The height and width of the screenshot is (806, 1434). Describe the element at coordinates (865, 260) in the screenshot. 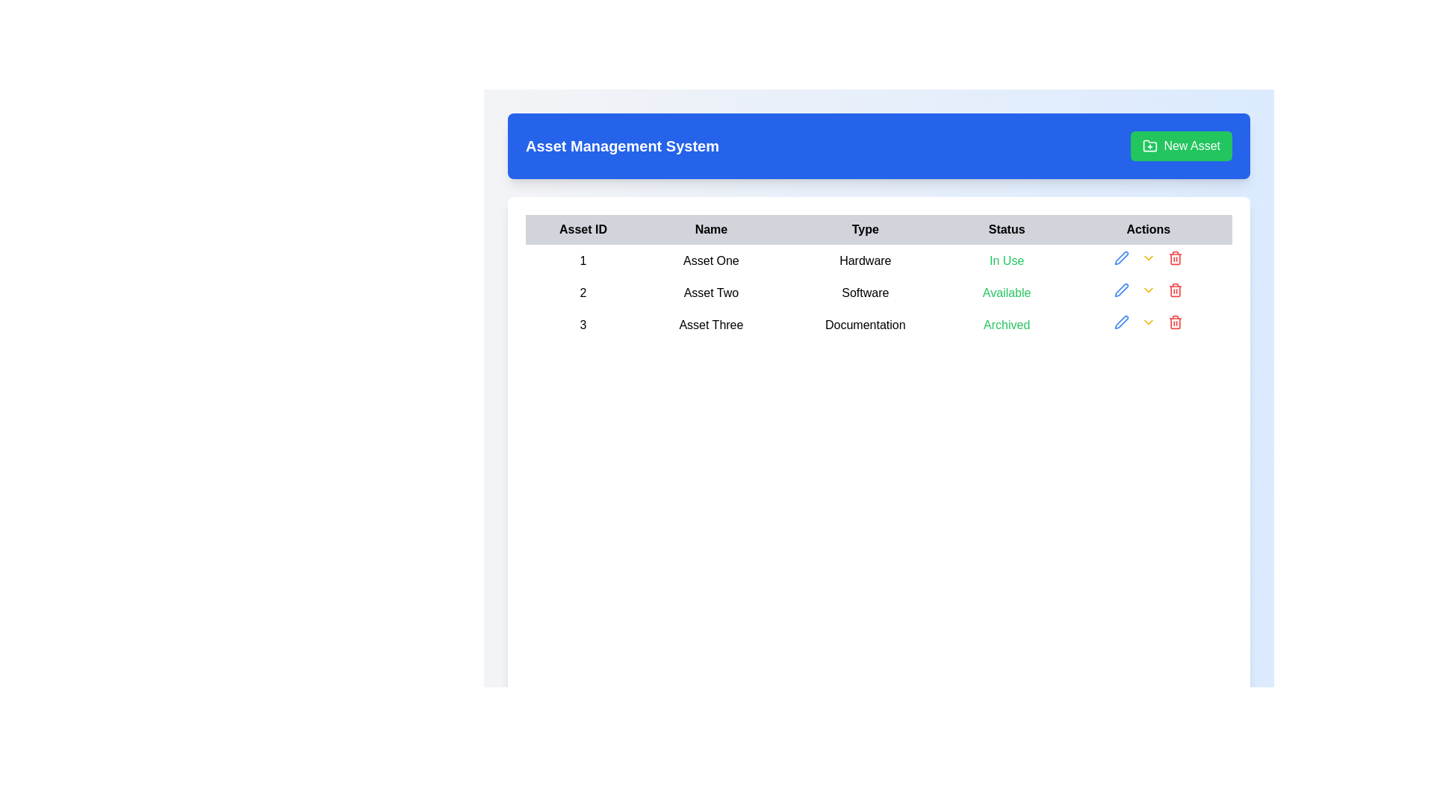

I see `the text label displaying 'Hardware', which is located in the third column of the first row of a table under the 'Type' column` at that location.